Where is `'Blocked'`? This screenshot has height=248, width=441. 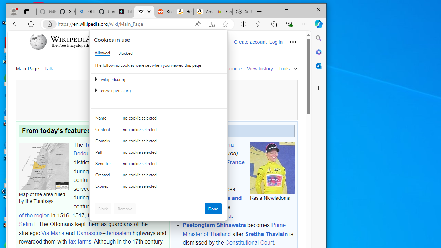
'Blocked' is located at coordinates (125, 53).